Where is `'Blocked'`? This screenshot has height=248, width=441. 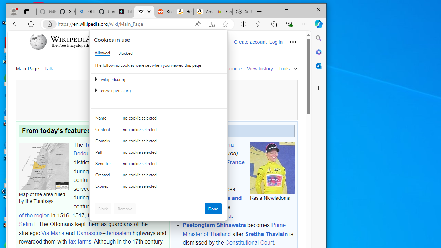
'Blocked' is located at coordinates (125, 53).